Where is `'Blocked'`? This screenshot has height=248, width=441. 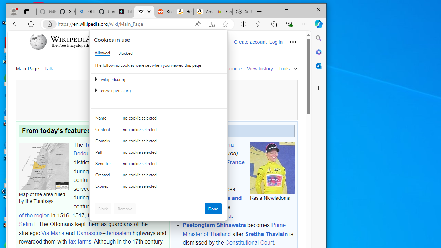
'Blocked' is located at coordinates (125, 53).